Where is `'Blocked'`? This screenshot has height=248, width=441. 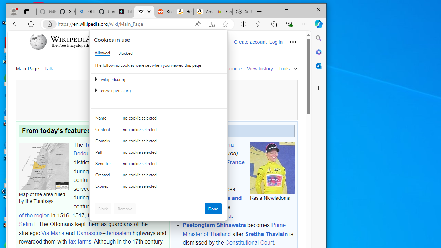
'Blocked' is located at coordinates (125, 53).